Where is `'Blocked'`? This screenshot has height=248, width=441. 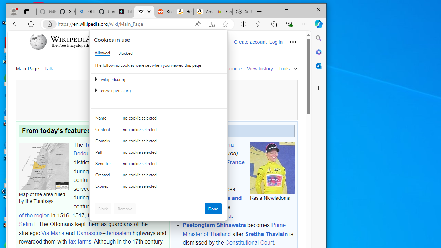
'Blocked' is located at coordinates (125, 53).